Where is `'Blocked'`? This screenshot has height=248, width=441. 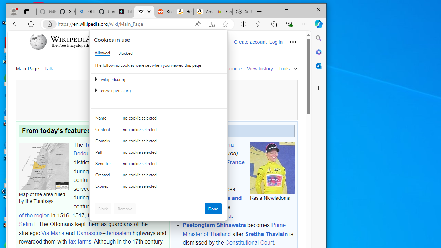
'Blocked' is located at coordinates (125, 53).